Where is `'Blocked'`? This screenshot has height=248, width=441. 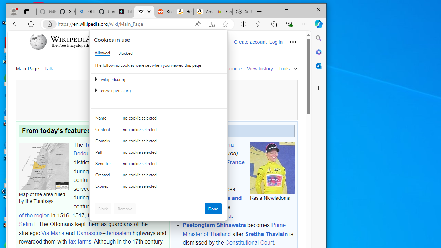
'Blocked' is located at coordinates (125, 53).